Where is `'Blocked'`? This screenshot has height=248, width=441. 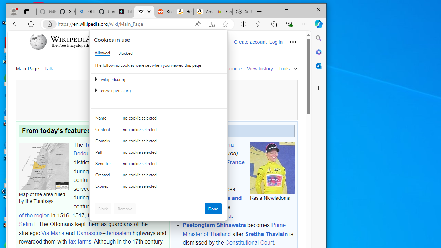
'Blocked' is located at coordinates (125, 53).